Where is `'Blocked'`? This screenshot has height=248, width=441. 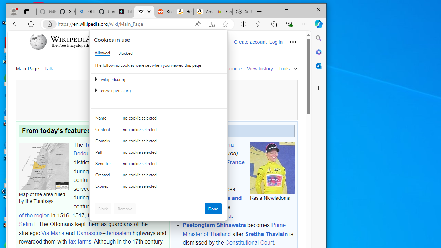
'Blocked' is located at coordinates (125, 53).